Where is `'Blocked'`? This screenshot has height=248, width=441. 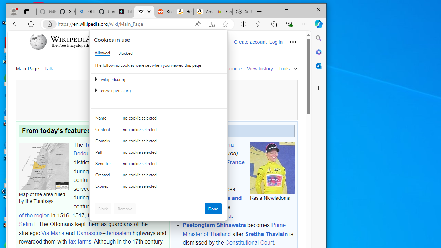
'Blocked' is located at coordinates (125, 53).